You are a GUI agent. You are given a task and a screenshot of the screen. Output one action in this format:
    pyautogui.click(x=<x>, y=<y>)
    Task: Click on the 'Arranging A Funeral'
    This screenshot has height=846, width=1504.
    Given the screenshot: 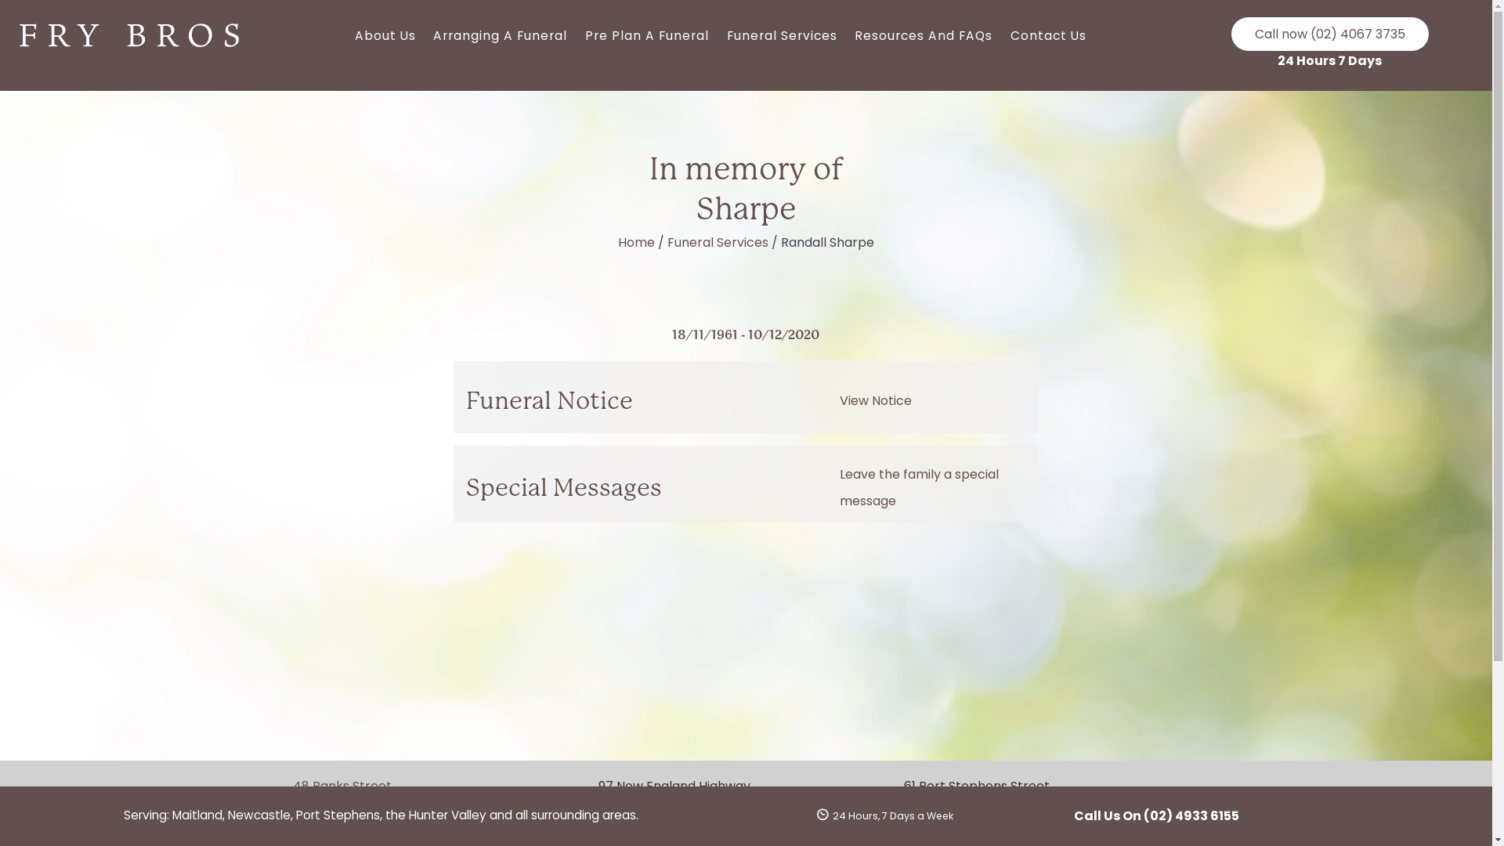 What is the action you would take?
    pyautogui.click(x=499, y=35)
    